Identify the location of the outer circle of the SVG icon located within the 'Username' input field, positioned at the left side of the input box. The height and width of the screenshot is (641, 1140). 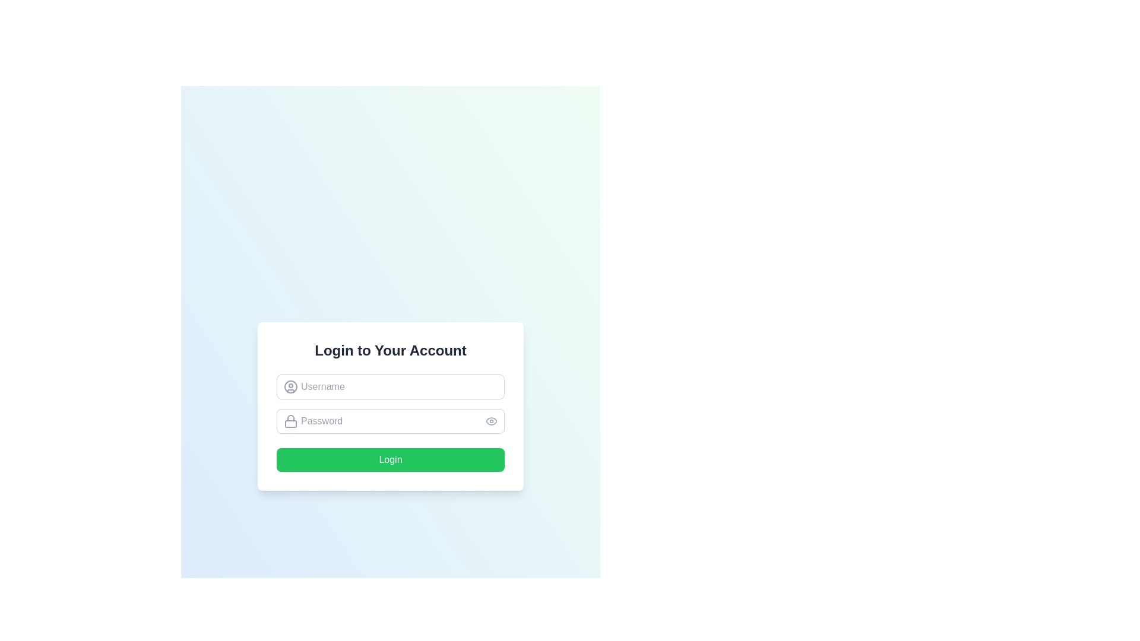
(290, 386).